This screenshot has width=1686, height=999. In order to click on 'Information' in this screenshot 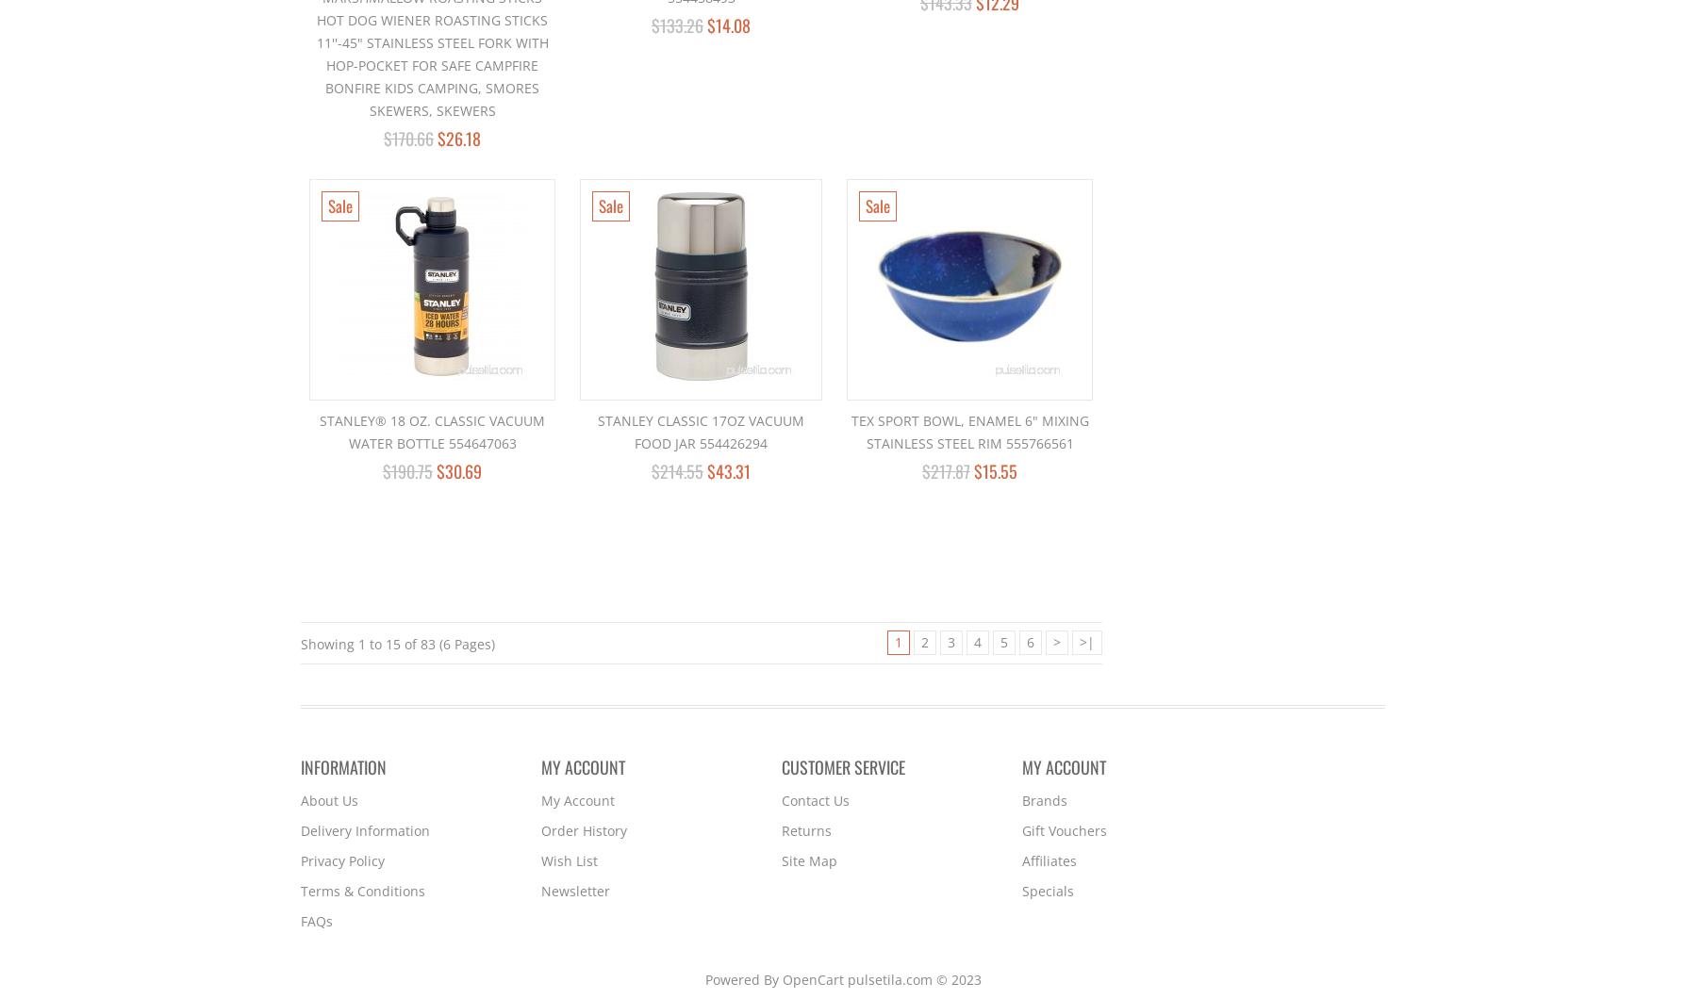, I will do `click(342, 766)`.